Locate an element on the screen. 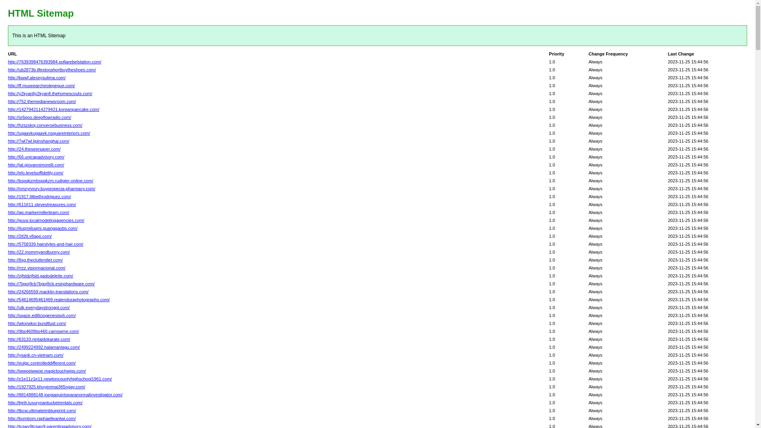 This screenshot has width=761, height=428. 'http://7wl7wl.lipinshanghai.com/' is located at coordinates (38, 140).